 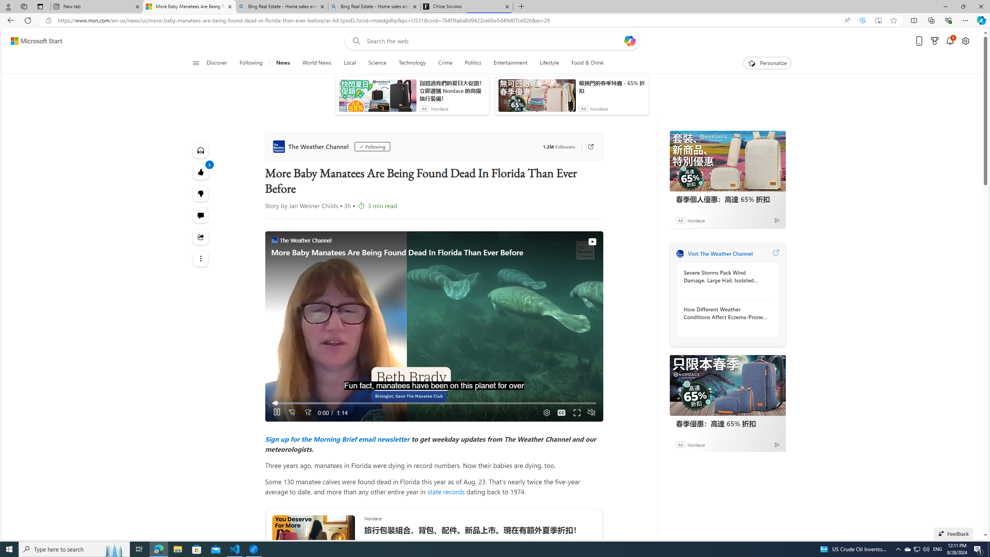 I want to click on 'Unmute', so click(x=591, y=412).